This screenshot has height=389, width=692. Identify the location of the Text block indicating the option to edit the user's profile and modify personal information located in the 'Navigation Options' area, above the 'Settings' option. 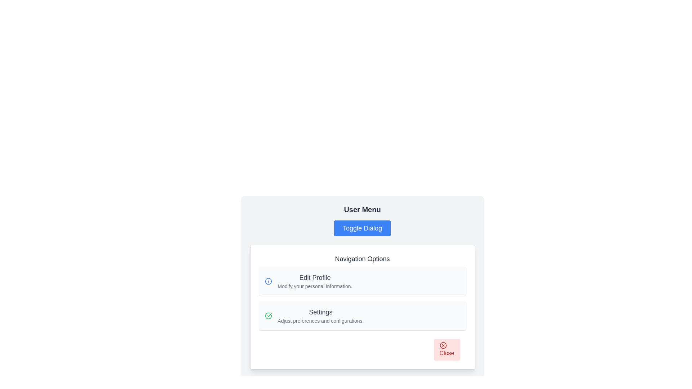
(315, 281).